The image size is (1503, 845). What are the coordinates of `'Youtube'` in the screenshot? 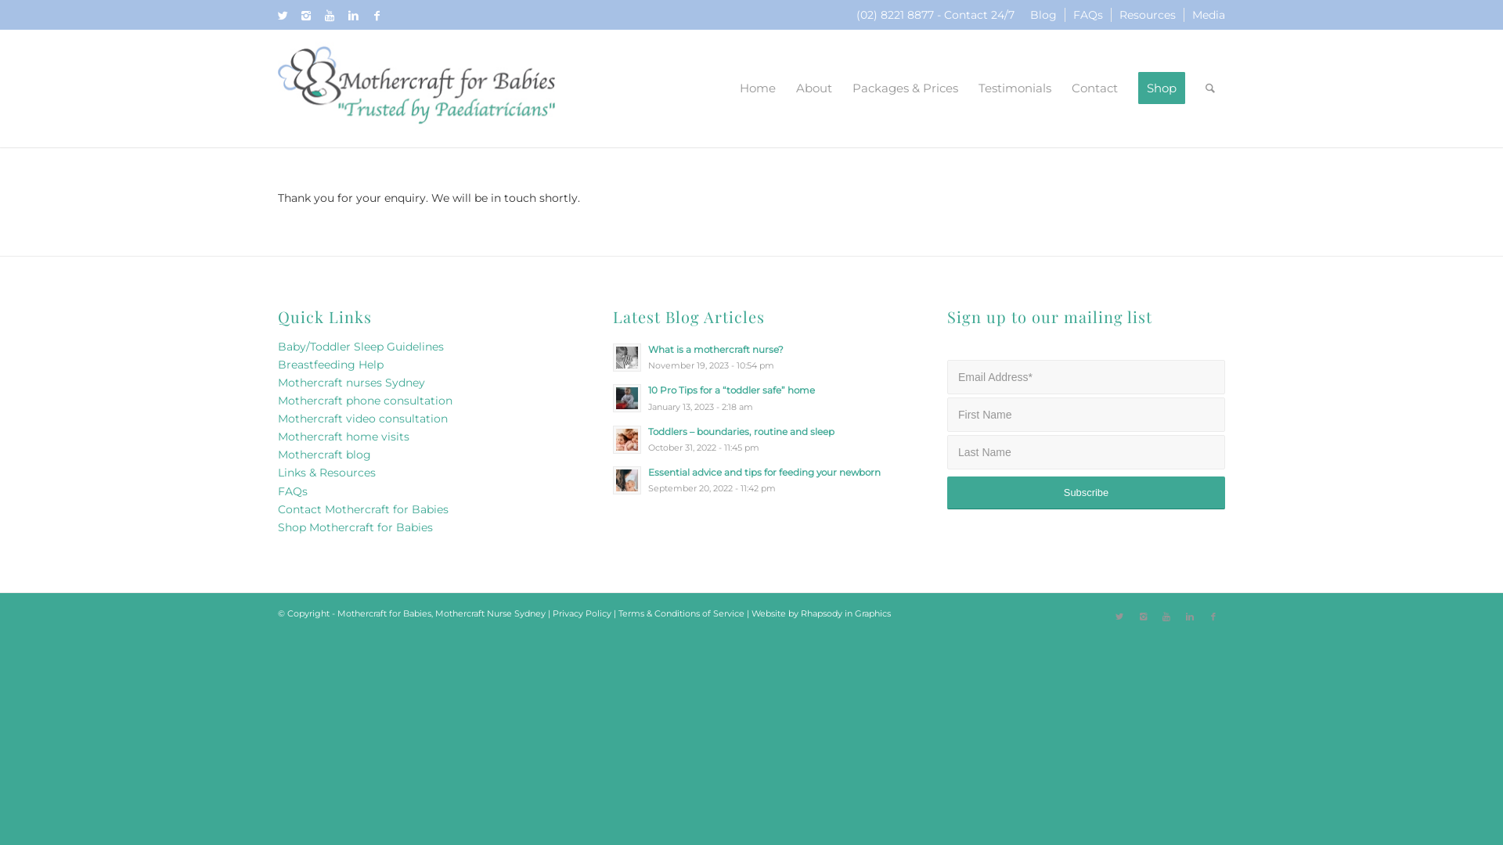 It's located at (329, 15).